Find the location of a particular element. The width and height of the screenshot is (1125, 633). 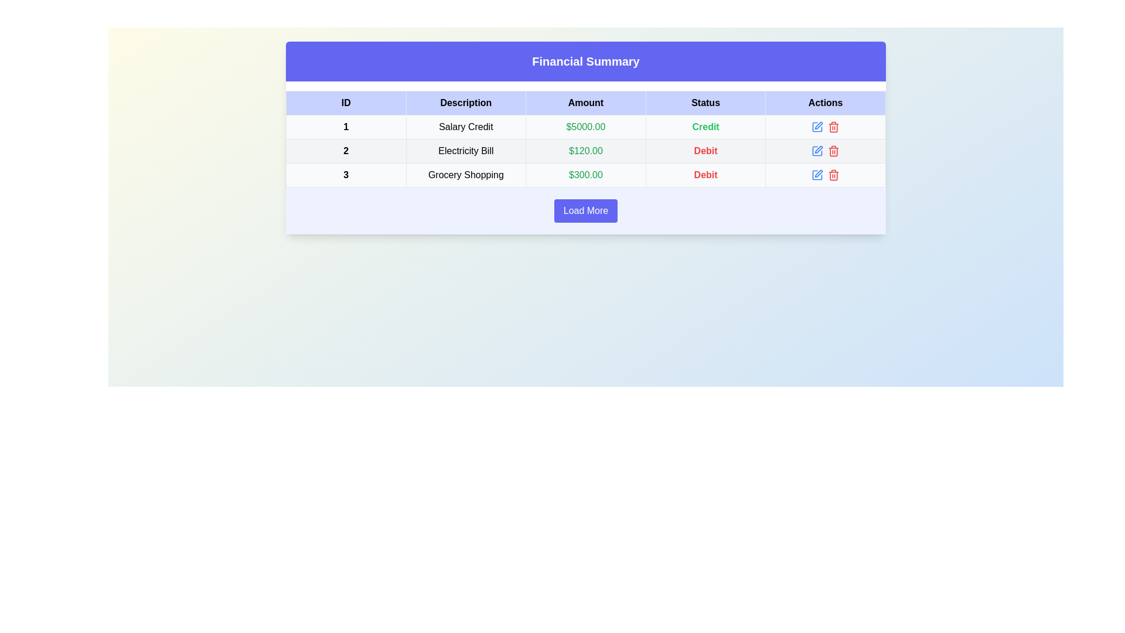

the pen icon within the Actions column of the financial summary table in the second row, corresponding to the 'Electricity Bill' is located at coordinates (818, 149).